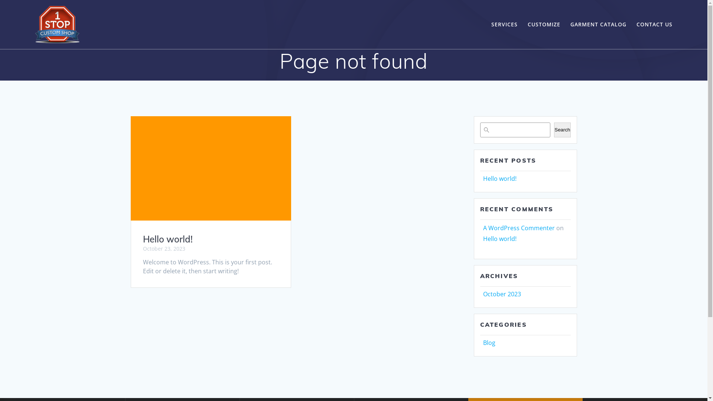 This screenshot has width=713, height=401. Describe the element at coordinates (501, 293) in the screenshot. I see `'October 2023'` at that location.